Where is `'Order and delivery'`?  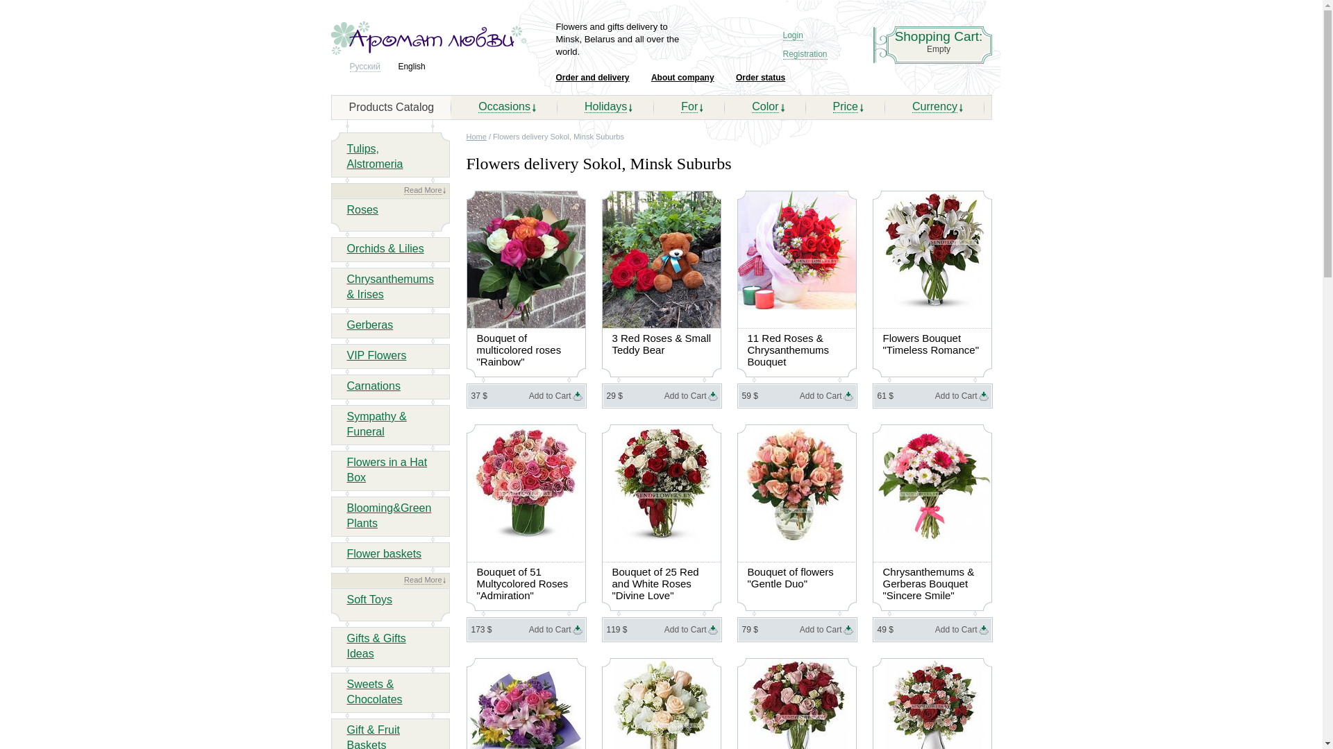 'Order and delivery' is located at coordinates (592, 77).